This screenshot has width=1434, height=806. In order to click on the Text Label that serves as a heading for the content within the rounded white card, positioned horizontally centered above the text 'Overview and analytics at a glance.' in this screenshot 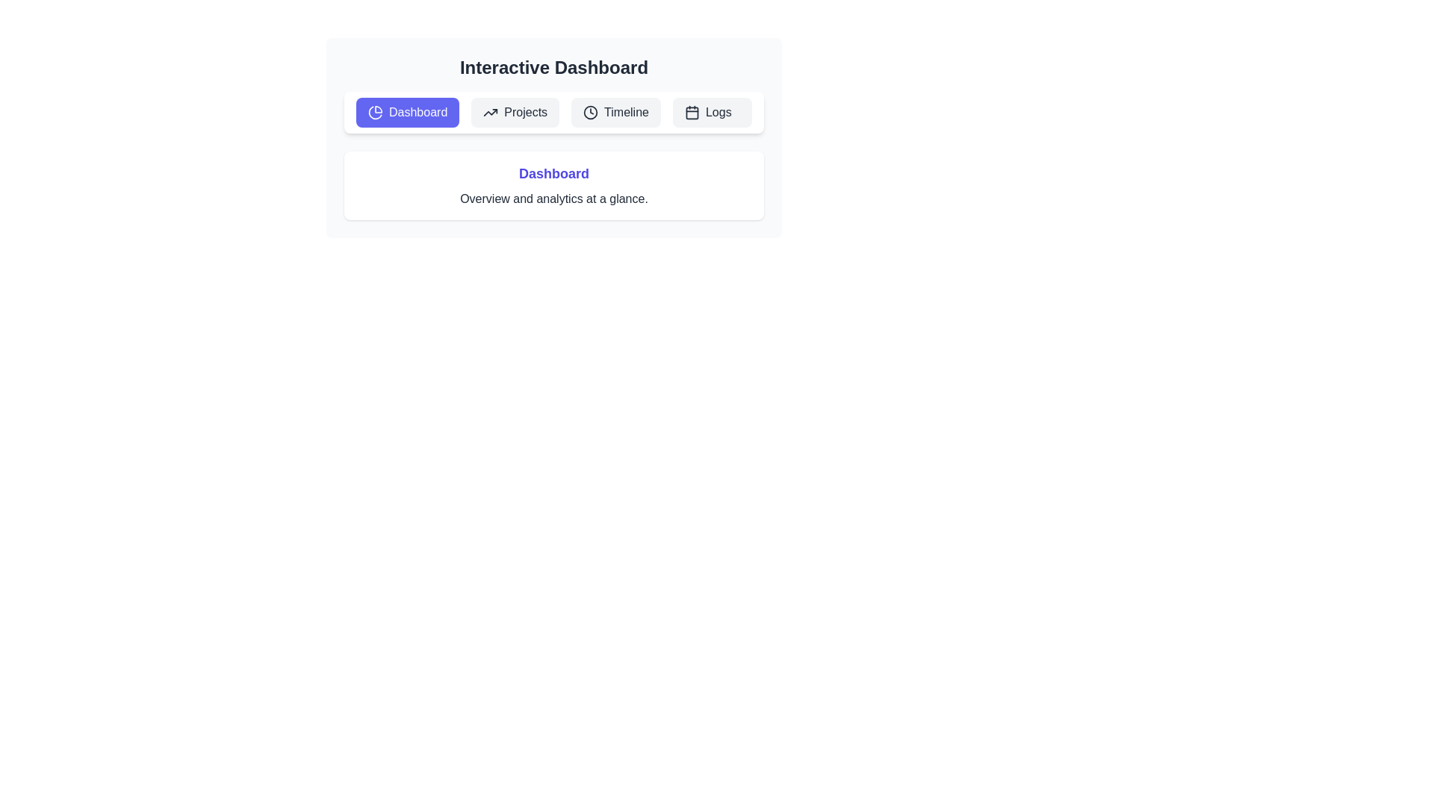, I will do `click(553, 172)`.